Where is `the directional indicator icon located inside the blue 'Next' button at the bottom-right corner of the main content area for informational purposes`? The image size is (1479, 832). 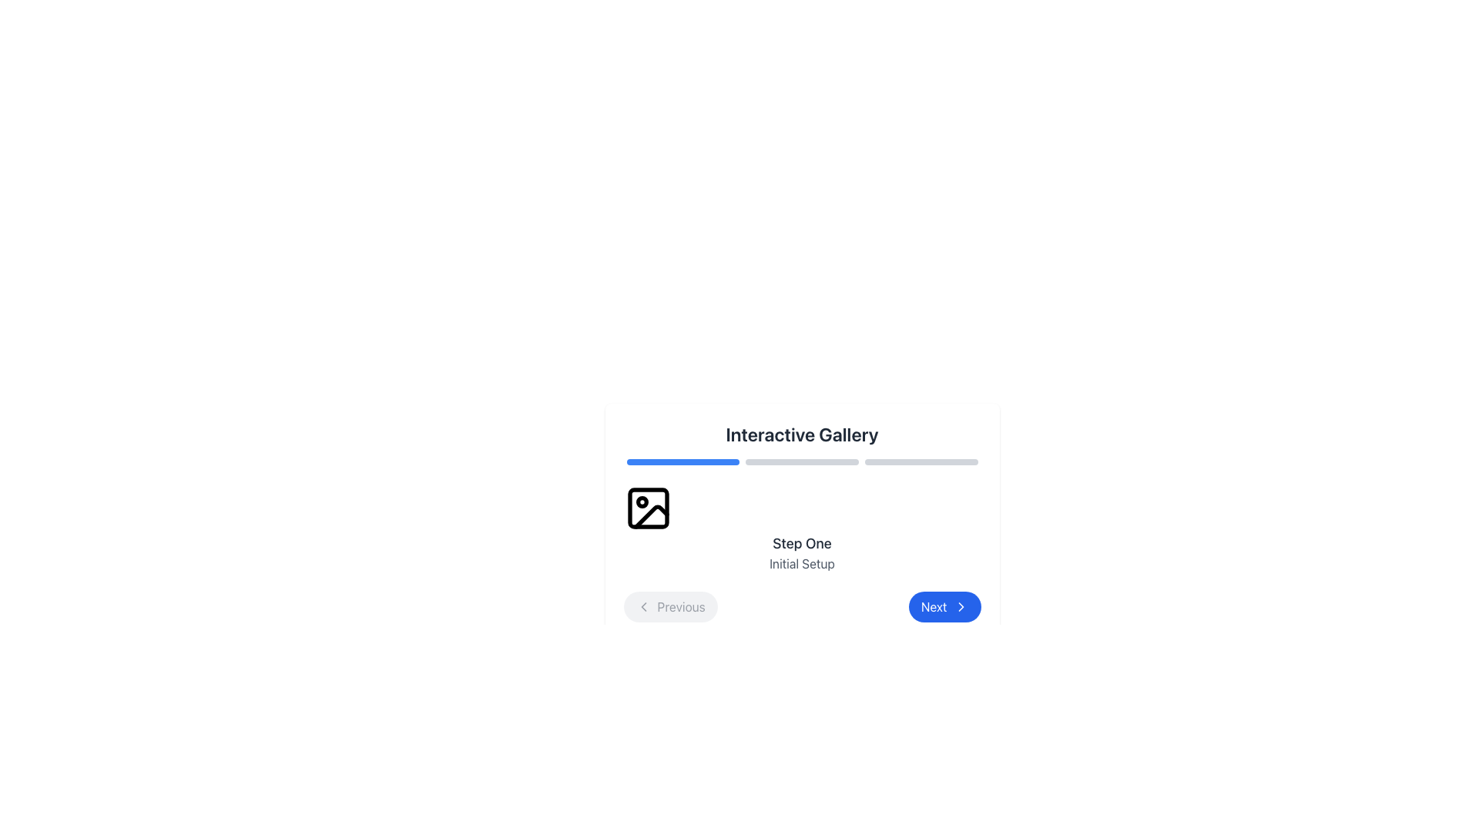 the directional indicator icon located inside the blue 'Next' button at the bottom-right corner of the main content area for informational purposes is located at coordinates (960, 606).